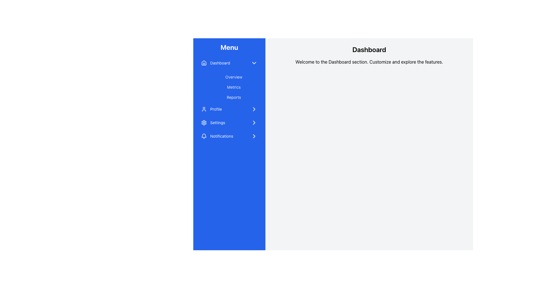  What do you see at coordinates (229, 47) in the screenshot?
I see `the 'Menu' title in bold white text located at the top of the vertical sidebar on the left side of the interface, which is displayed on a blue background` at bounding box center [229, 47].